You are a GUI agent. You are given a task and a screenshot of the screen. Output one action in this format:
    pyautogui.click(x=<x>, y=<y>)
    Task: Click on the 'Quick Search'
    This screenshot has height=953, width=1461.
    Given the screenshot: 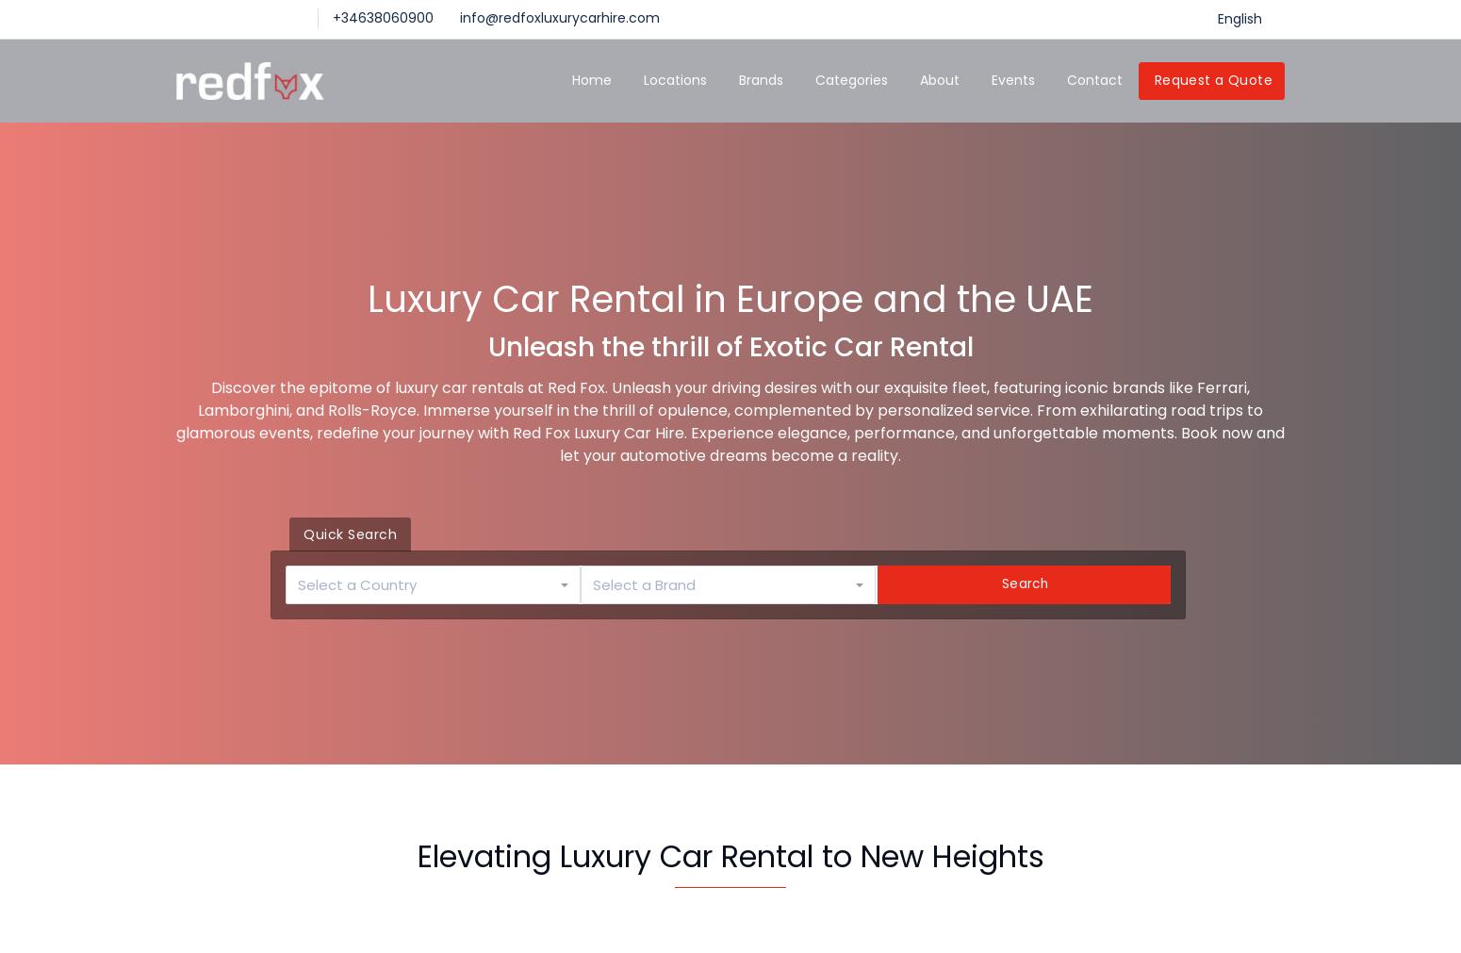 What is the action you would take?
    pyautogui.click(x=349, y=534)
    